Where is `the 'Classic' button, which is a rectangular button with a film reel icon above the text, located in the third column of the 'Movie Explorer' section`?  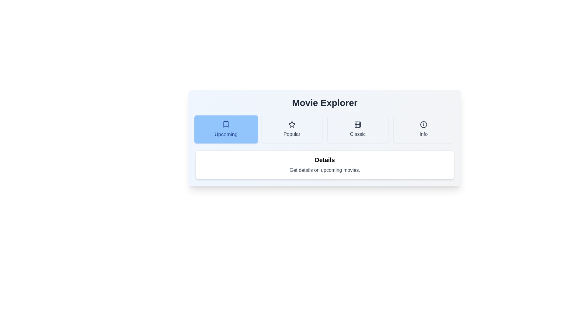 the 'Classic' button, which is a rectangular button with a film reel icon above the text, located in the third column of the 'Movie Explorer' section is located at coordinates (358, 129).